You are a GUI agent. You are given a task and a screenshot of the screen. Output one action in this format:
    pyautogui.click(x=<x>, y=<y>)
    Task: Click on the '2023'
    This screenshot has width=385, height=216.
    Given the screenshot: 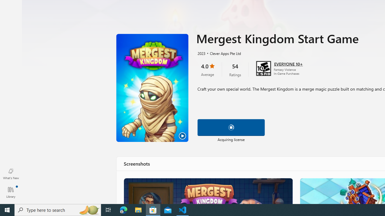 What is the action you would take?
    pyautogui.click(x=201, y=53)
    